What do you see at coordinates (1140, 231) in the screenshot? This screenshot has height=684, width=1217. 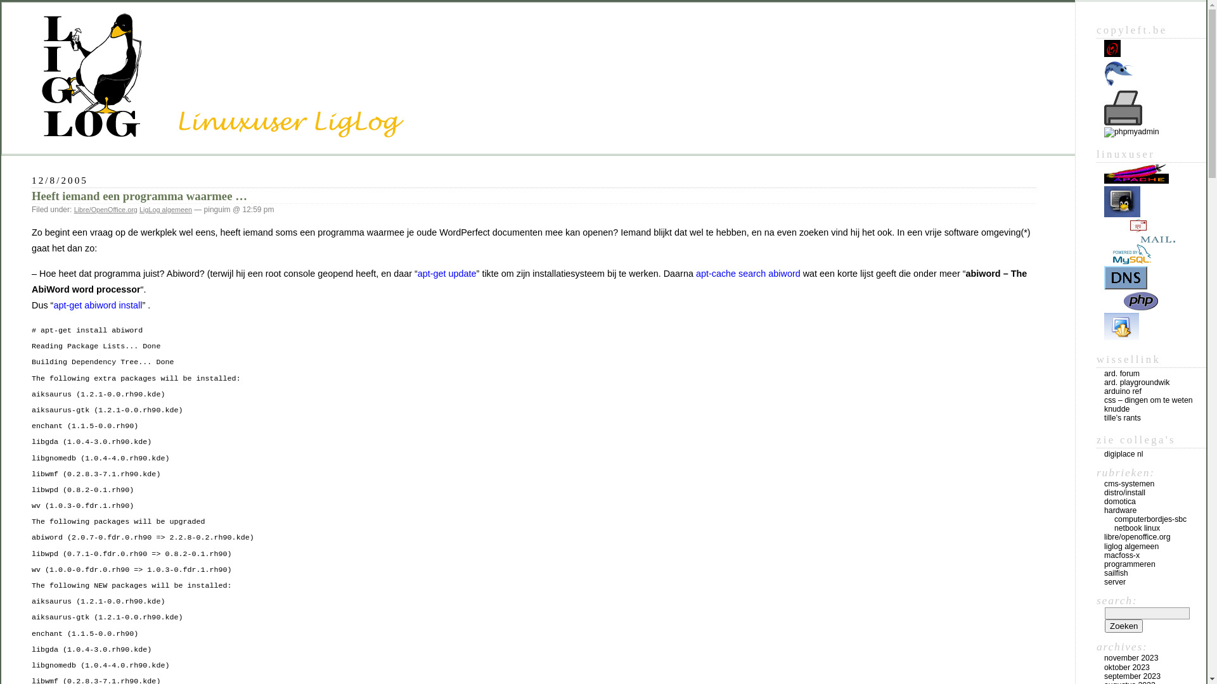 I see `'mailserver'` at bounding box center [1140, 231].